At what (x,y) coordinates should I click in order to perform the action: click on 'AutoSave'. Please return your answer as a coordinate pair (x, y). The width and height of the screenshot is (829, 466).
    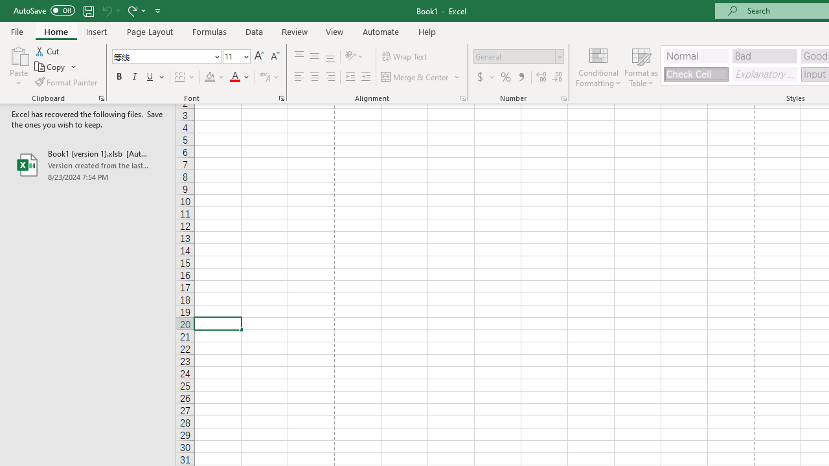
    Looking at the image, I should click on (44, 10).